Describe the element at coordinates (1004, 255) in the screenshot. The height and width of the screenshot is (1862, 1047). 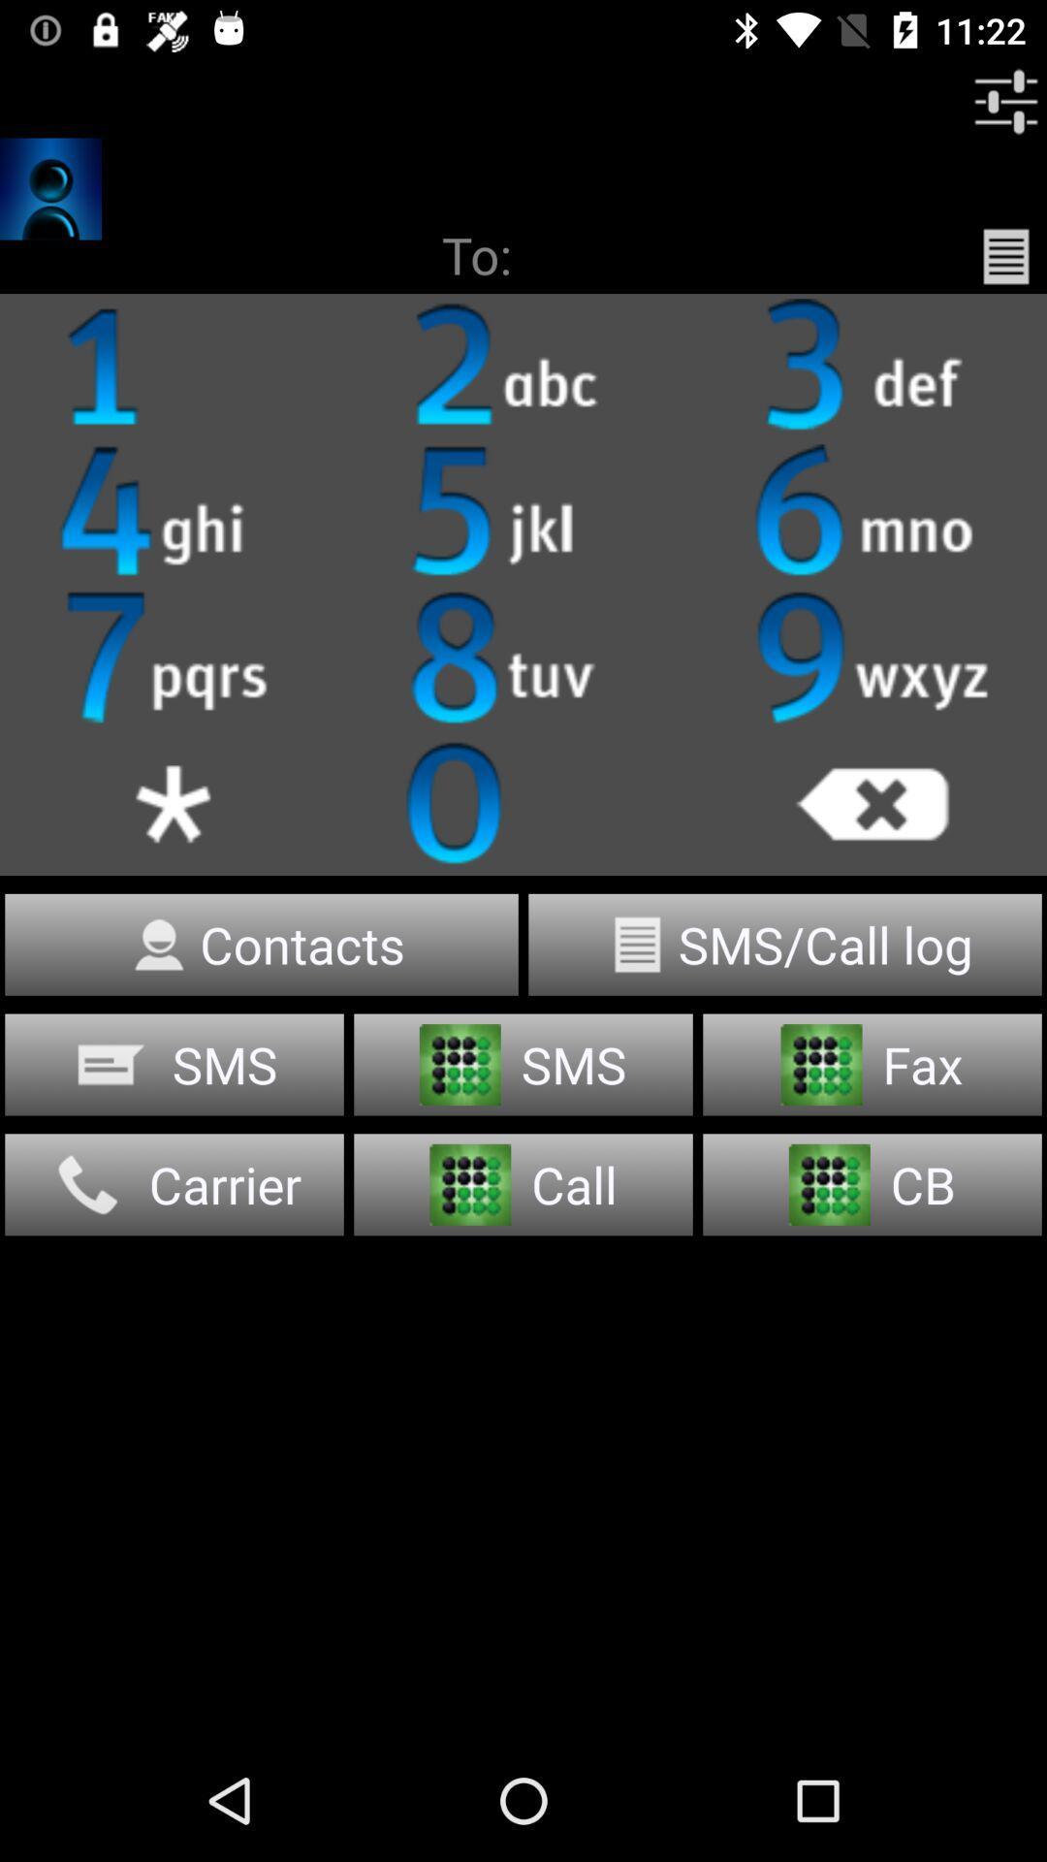
I see `the description icon` at that location.